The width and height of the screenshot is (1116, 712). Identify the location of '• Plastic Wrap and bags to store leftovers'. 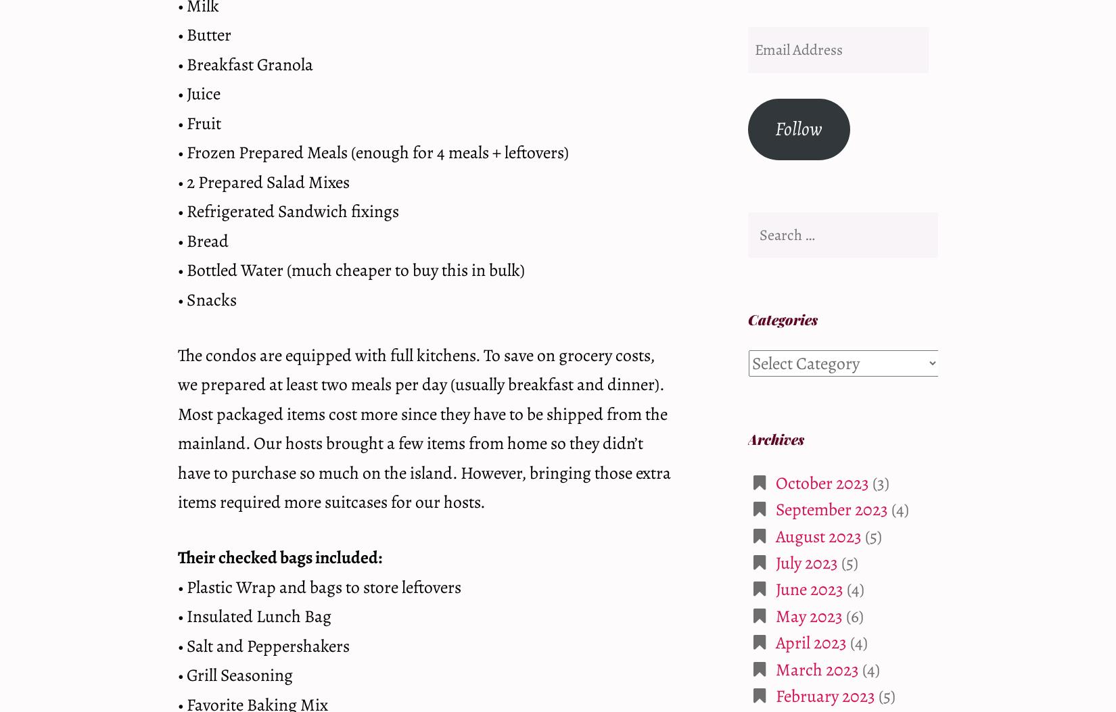
(178, 586).